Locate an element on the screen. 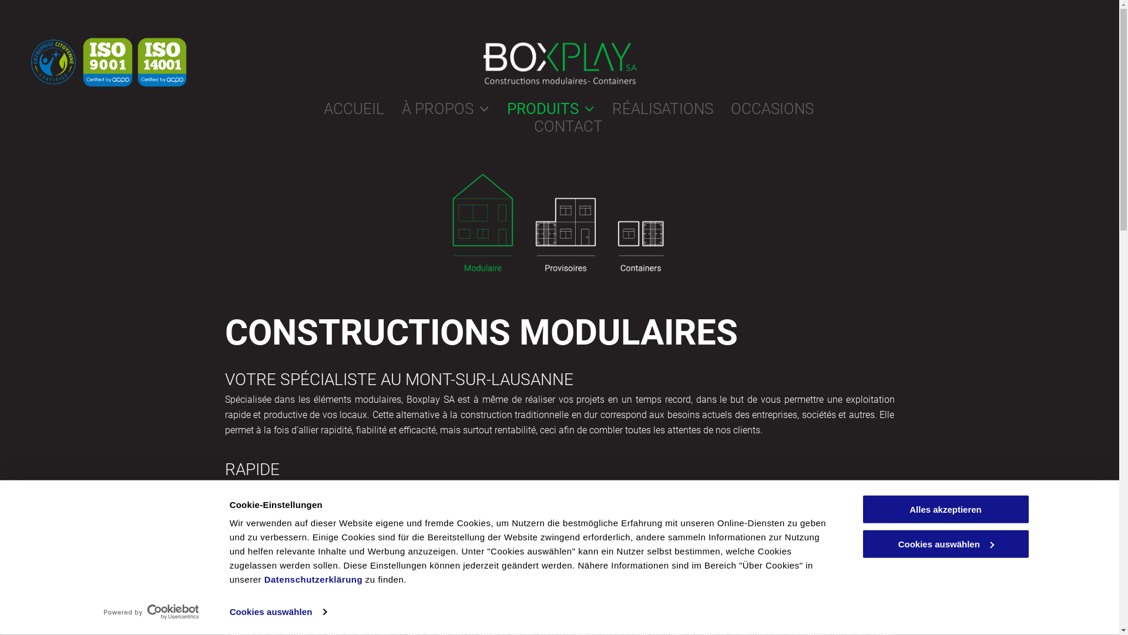 Image resolution: width=1128 pixels, height=635 pixels. 'Alles akzeptieren' is located at coordinates (861, 509).